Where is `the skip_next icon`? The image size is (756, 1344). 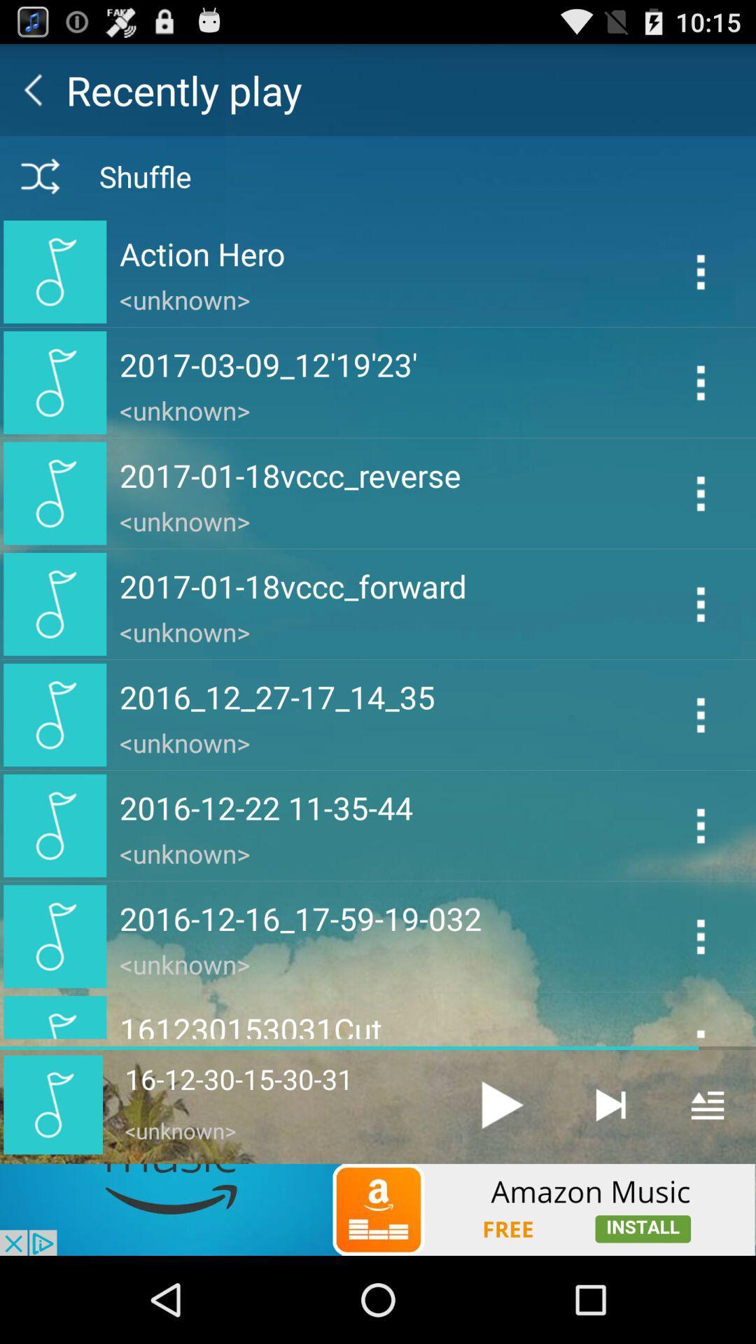
the skip_next icon is located at coordinates (609, 1182).